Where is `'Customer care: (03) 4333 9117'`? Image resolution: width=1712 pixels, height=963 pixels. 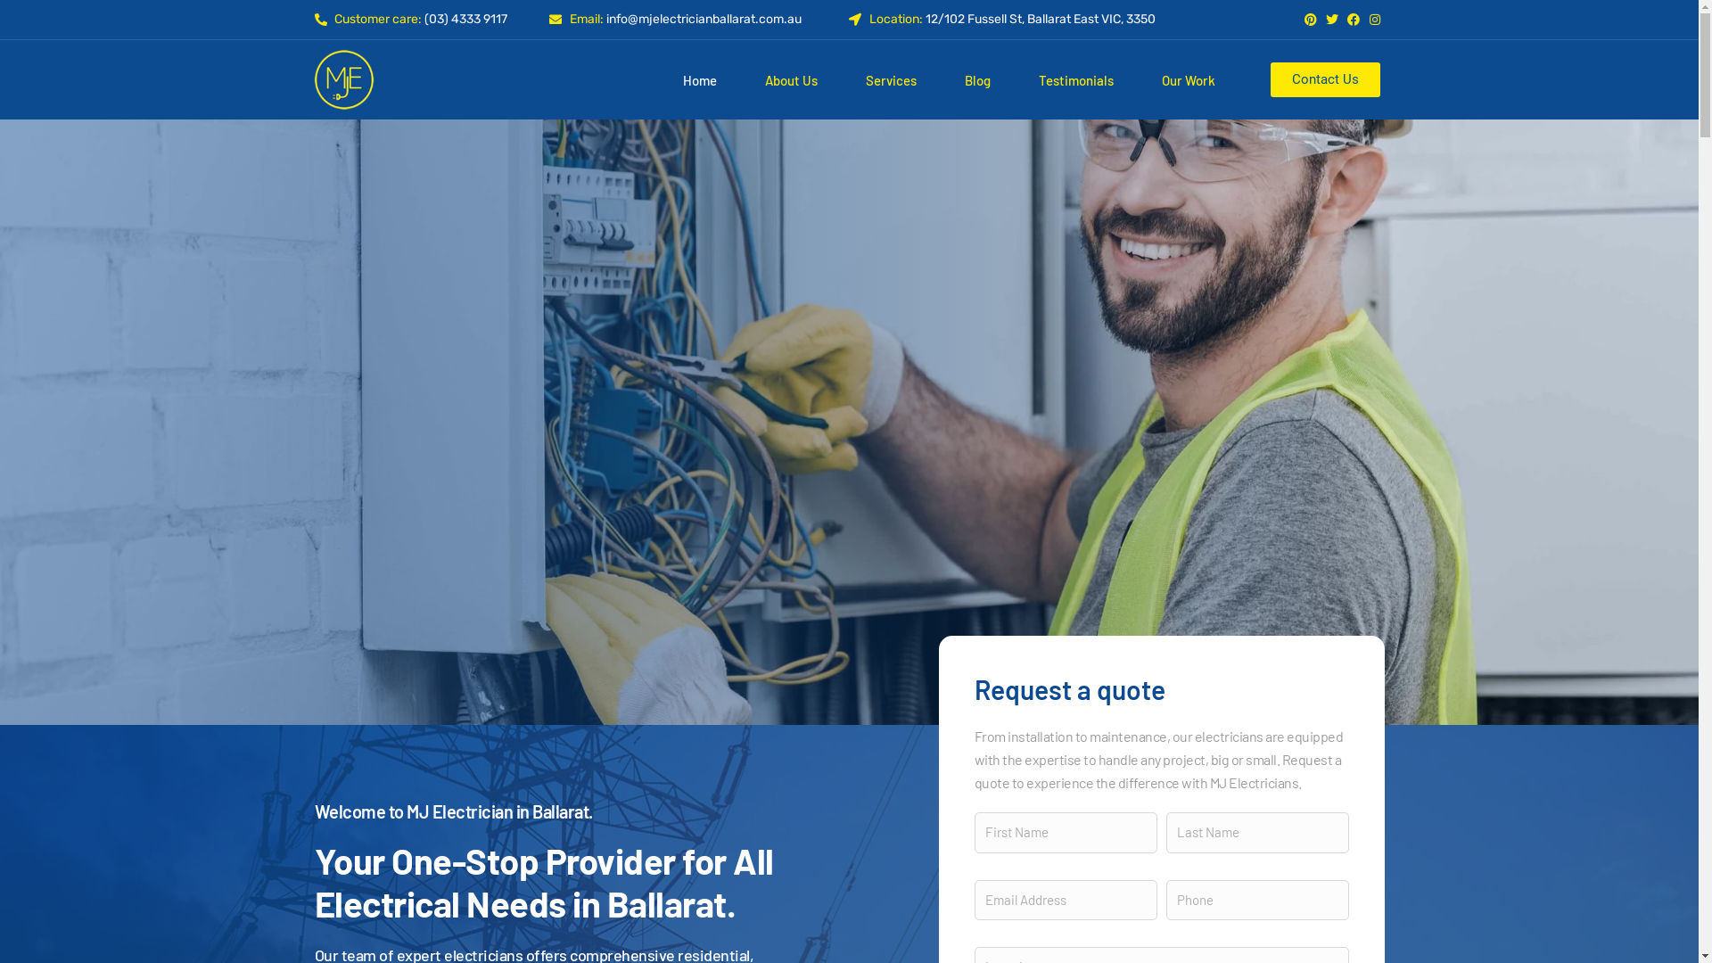 'Customer care: (03) 4333 9117' is located at coordinates (432, 20).